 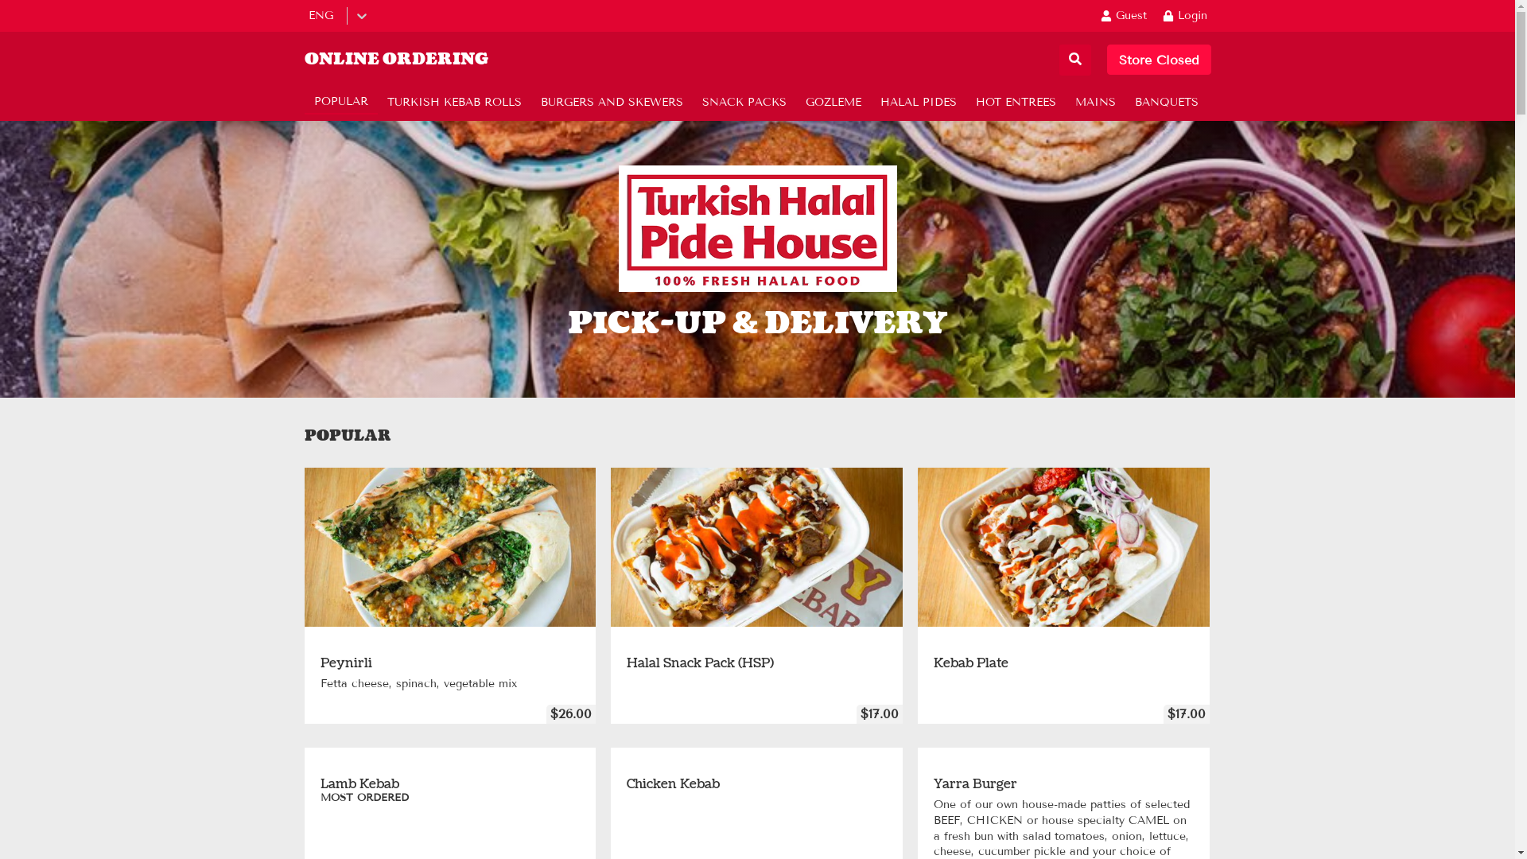 What do you see at coordinates (1159, 58) in the screenshot?
I see `'Store Closed'` at bounding box center [1159, 58].